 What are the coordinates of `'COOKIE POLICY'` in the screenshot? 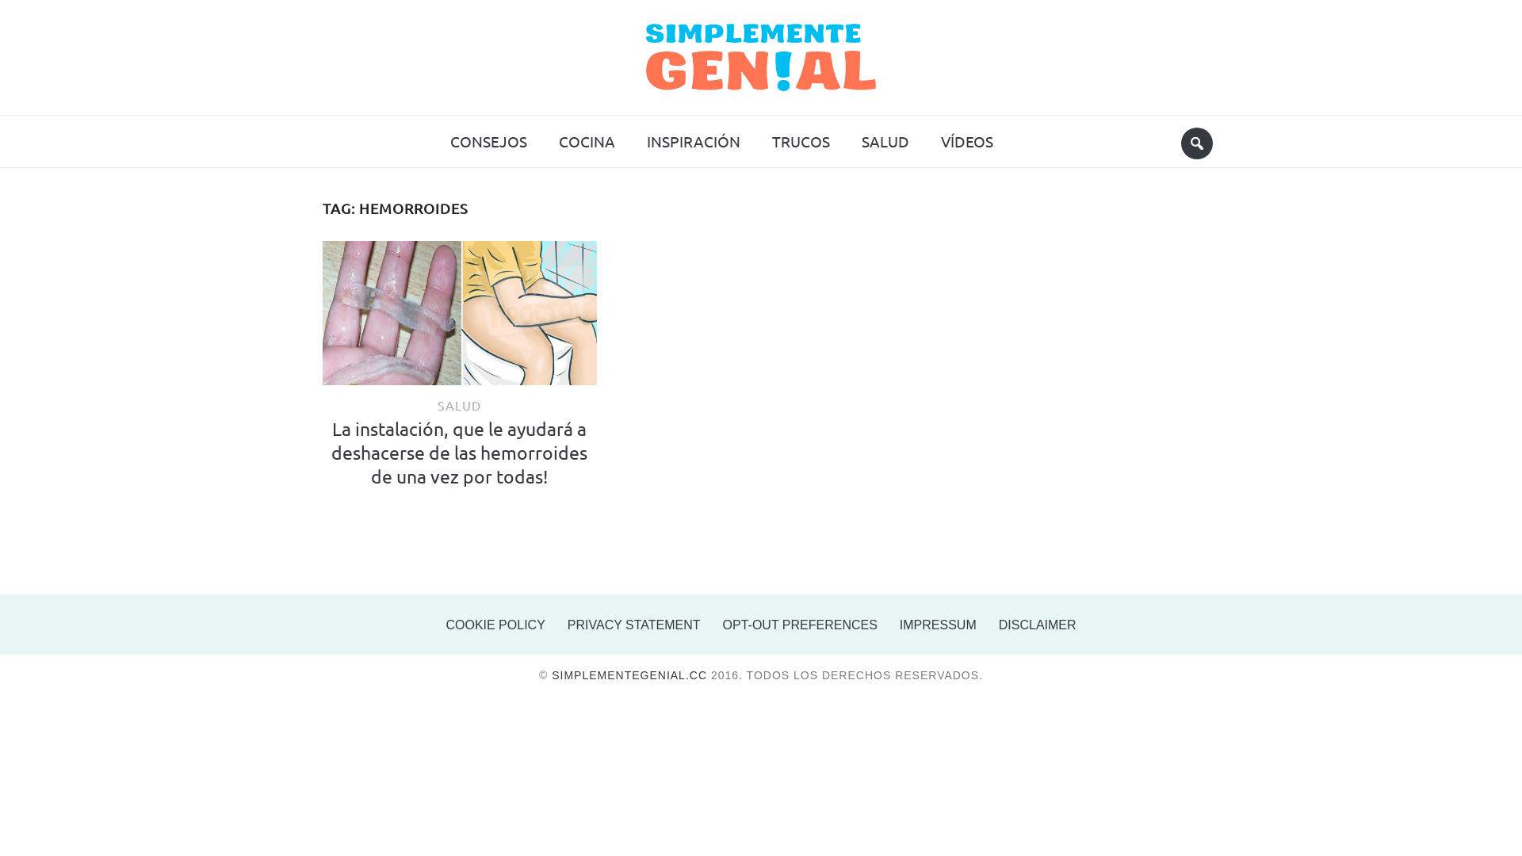 It's located at (494, 624).